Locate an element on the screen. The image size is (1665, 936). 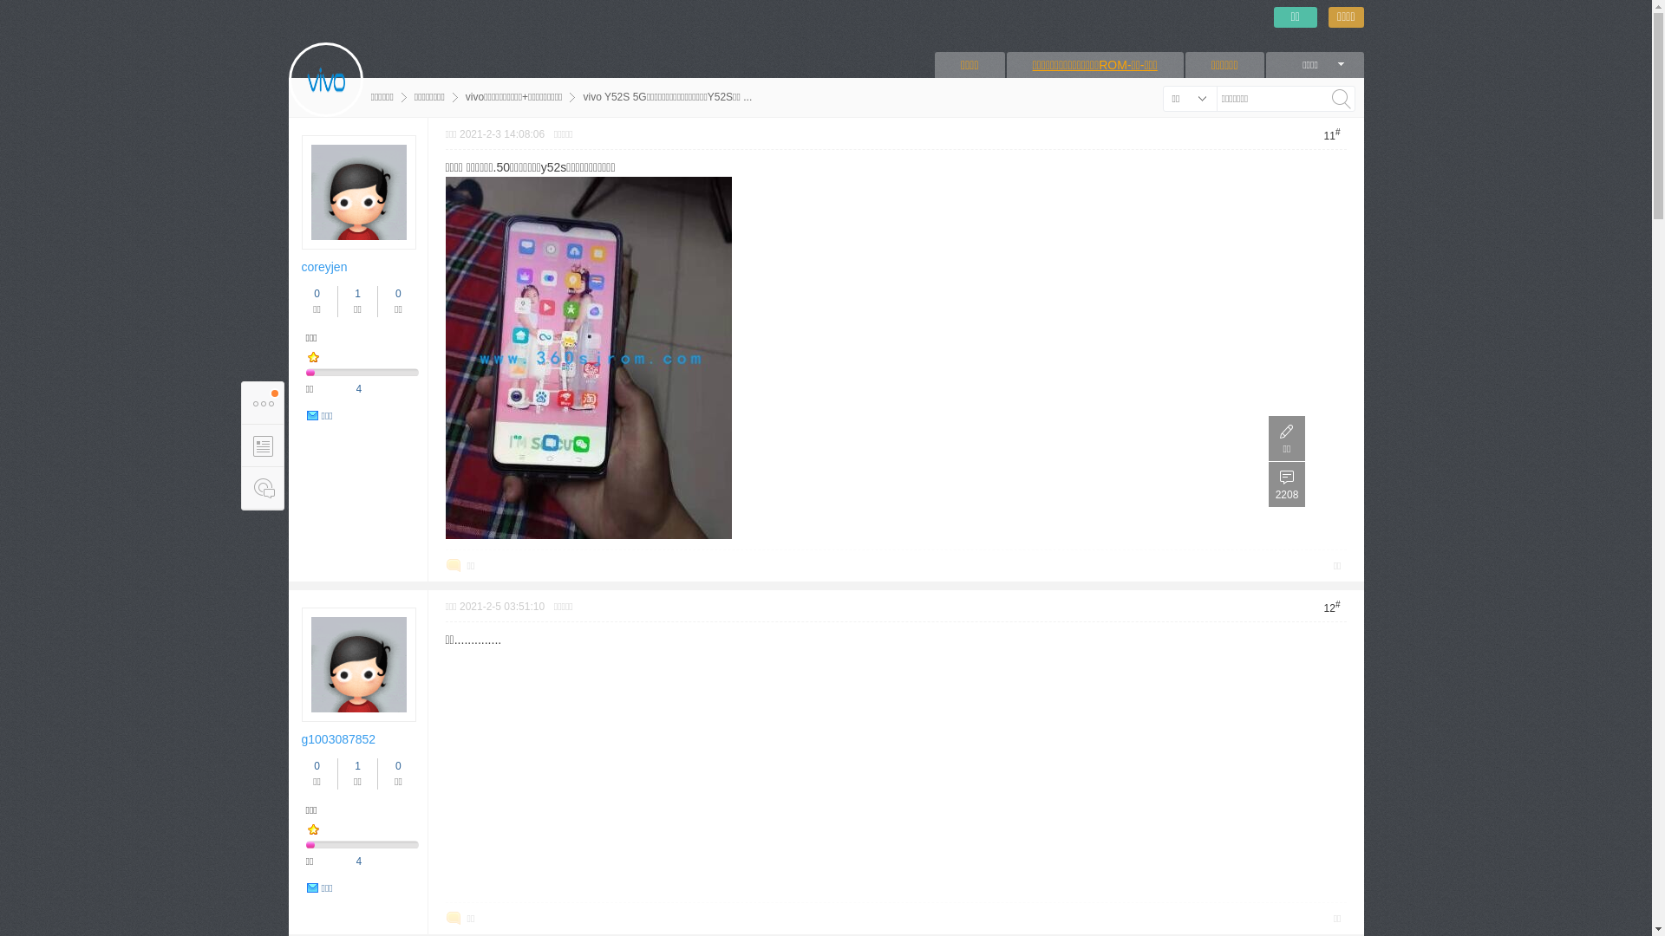
'4' is located at coordinates (357, 861).